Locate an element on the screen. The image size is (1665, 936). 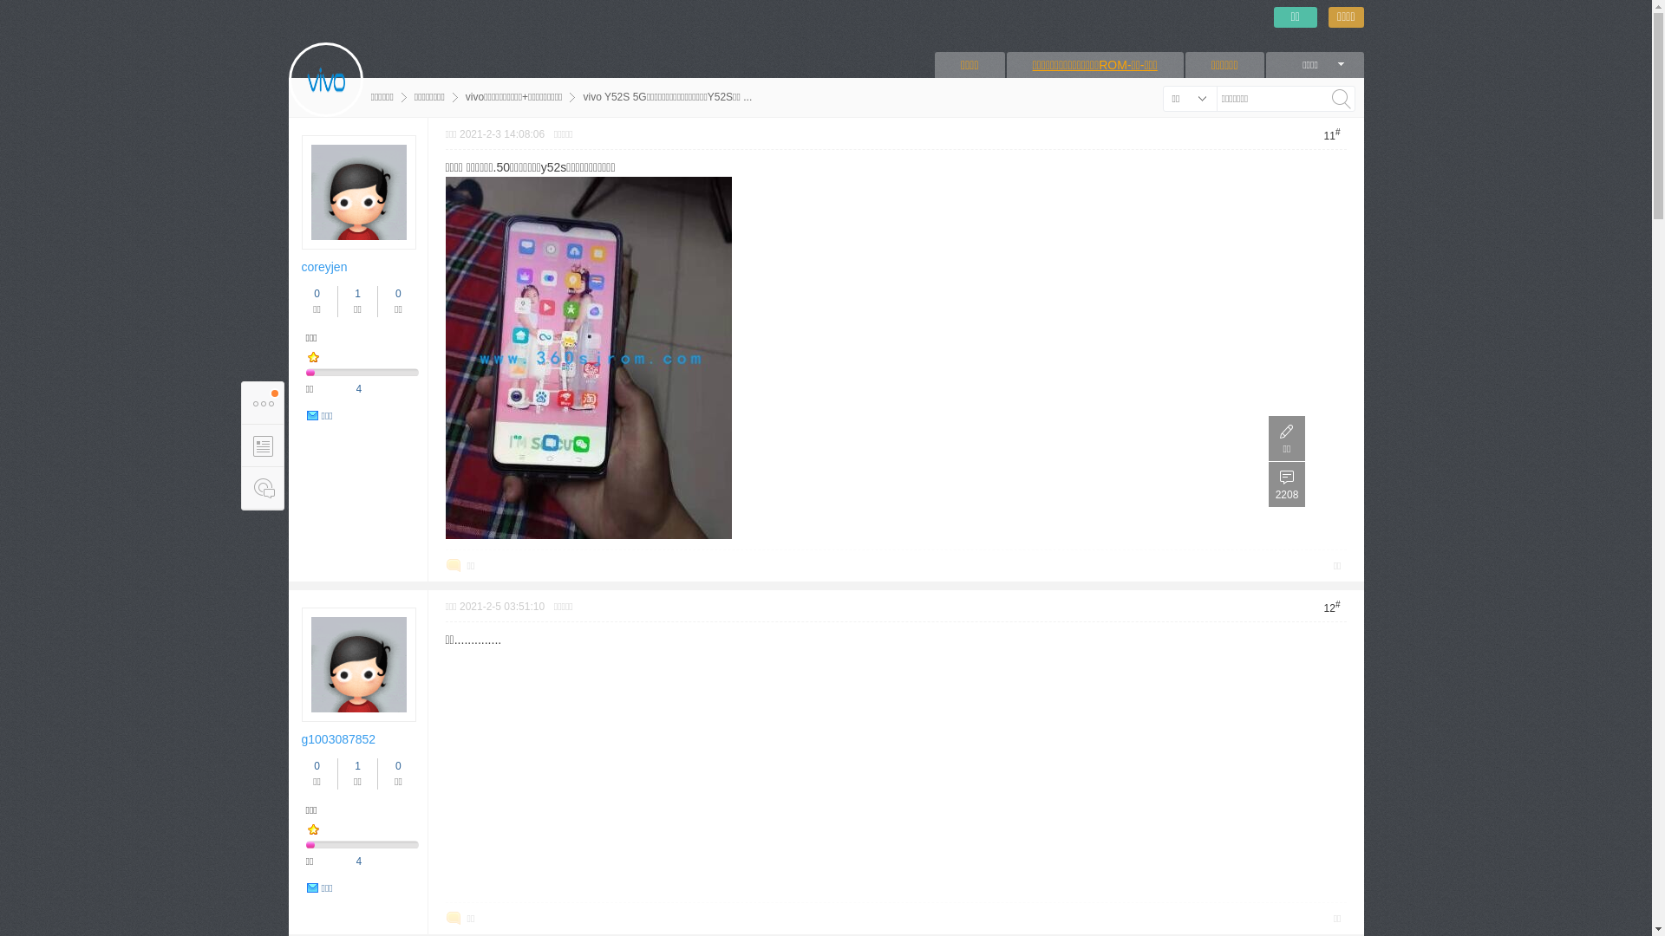
'4' is located at coordinates (357, 861).